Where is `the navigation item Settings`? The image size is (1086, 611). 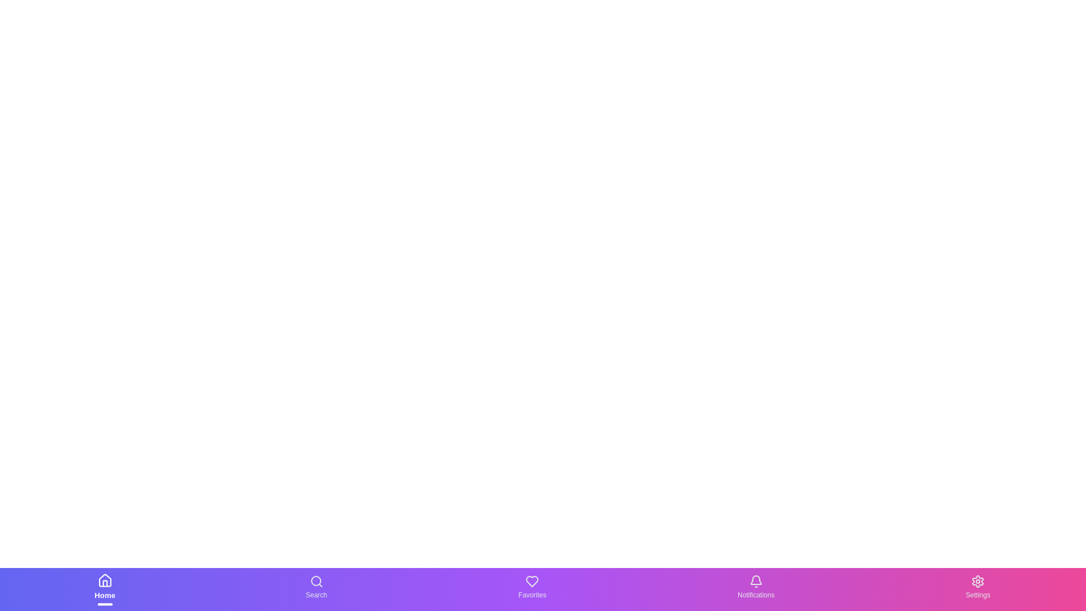 the navigation item Settings is located at coordinates (977, 588).